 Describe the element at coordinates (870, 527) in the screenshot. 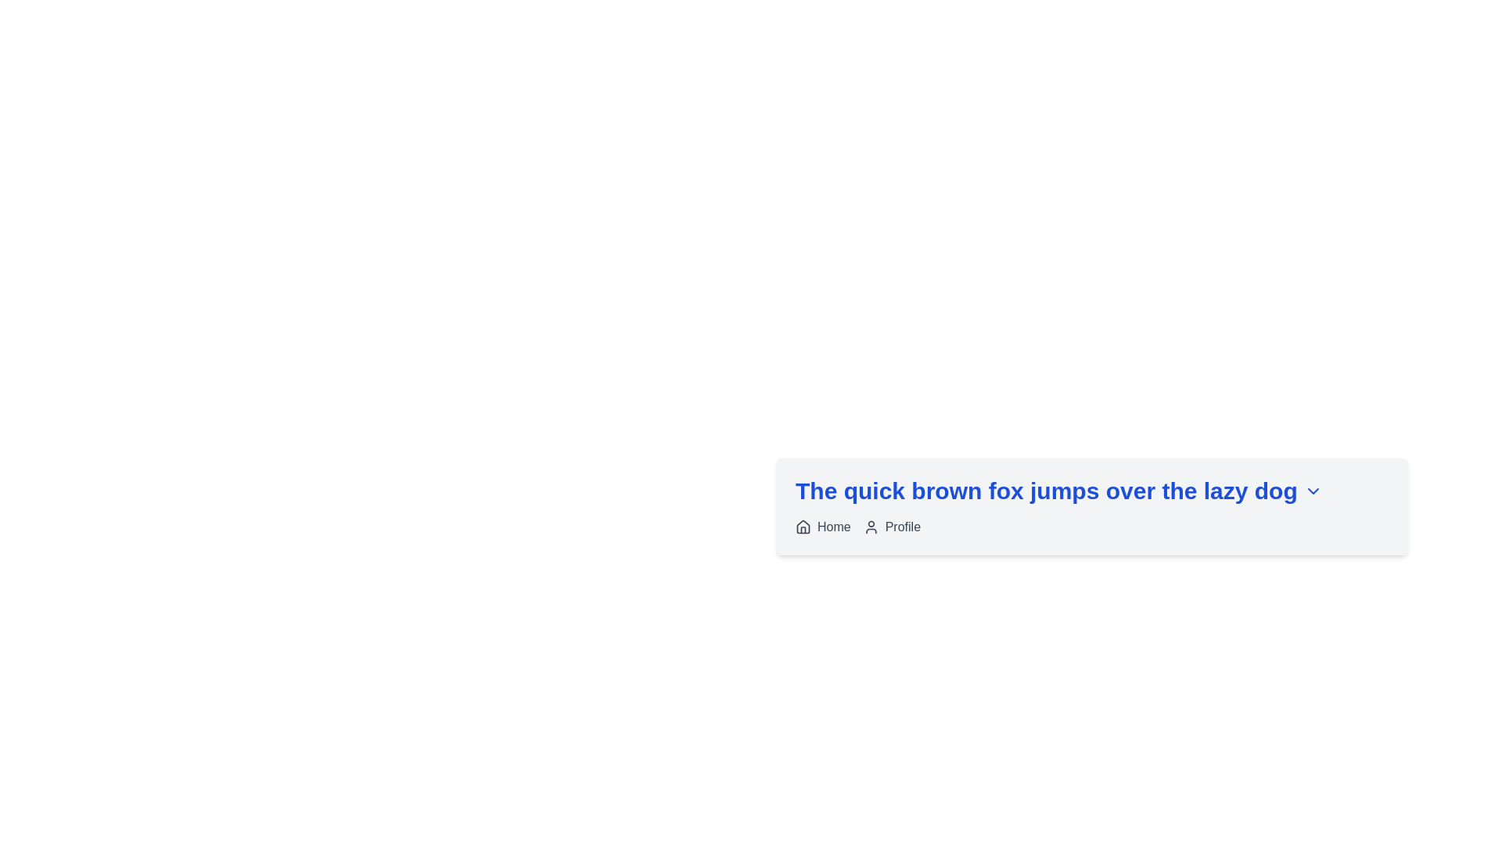

I see `the profile icon located next to the text 'Profile'` at that location.